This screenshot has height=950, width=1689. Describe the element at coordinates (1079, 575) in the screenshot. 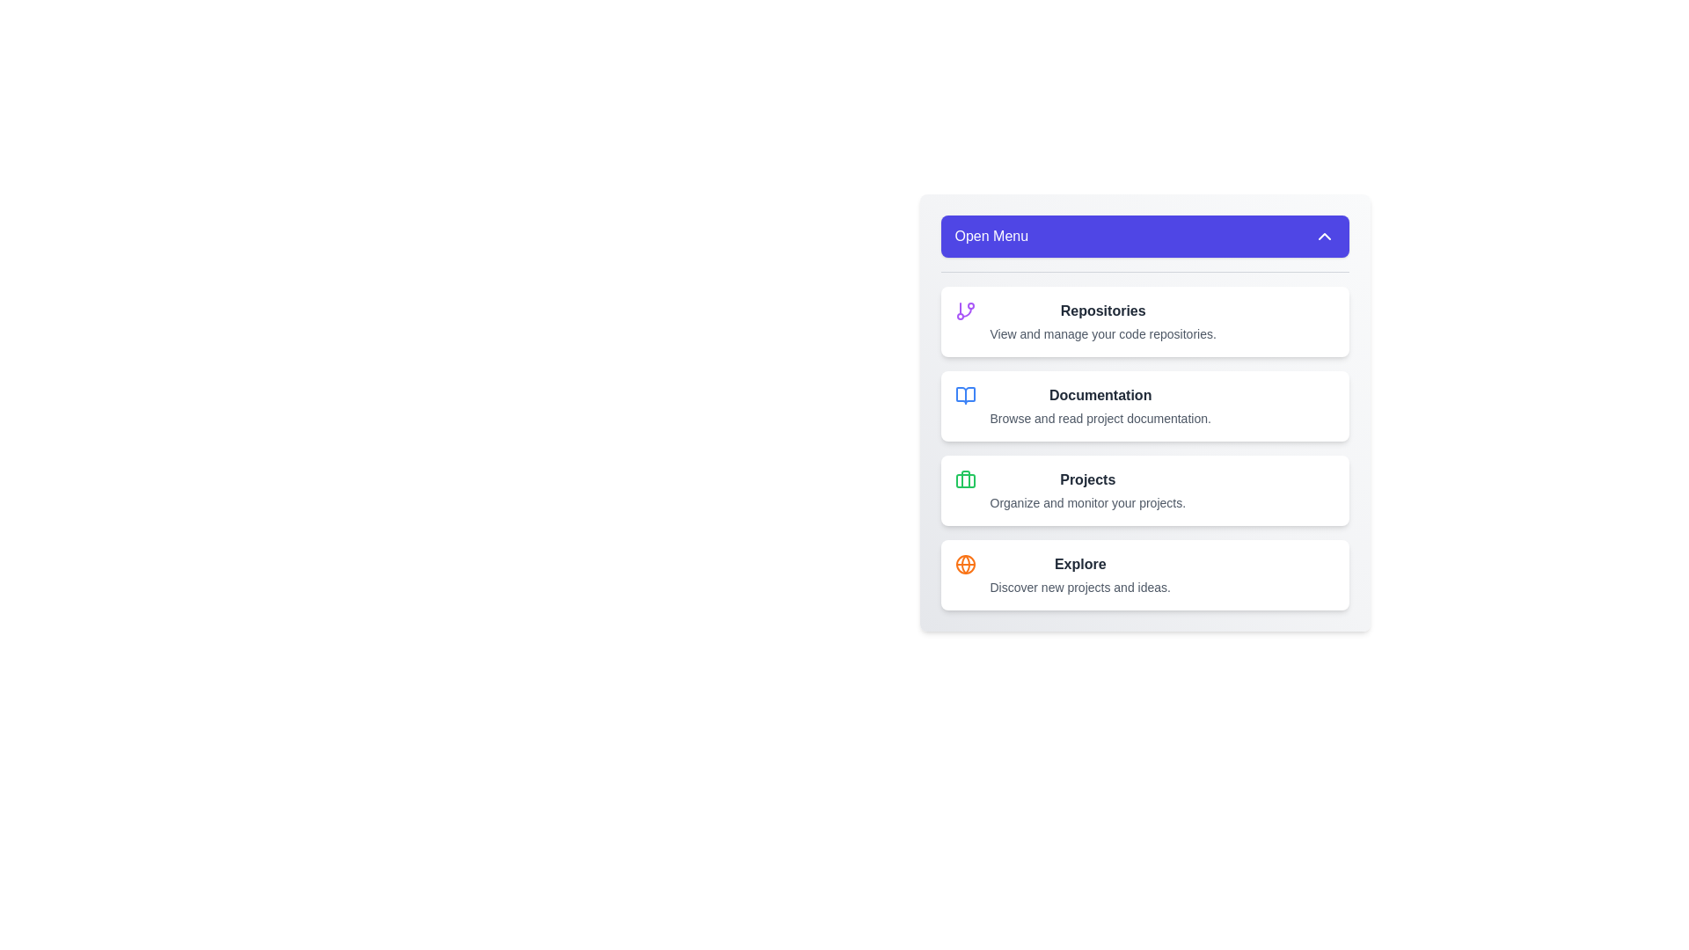

I see `the text block titled 'Explore' which includes the description 'Discover new projects and ideas.' positioned as the fourth item in a vertically stacked list menu` at that location.